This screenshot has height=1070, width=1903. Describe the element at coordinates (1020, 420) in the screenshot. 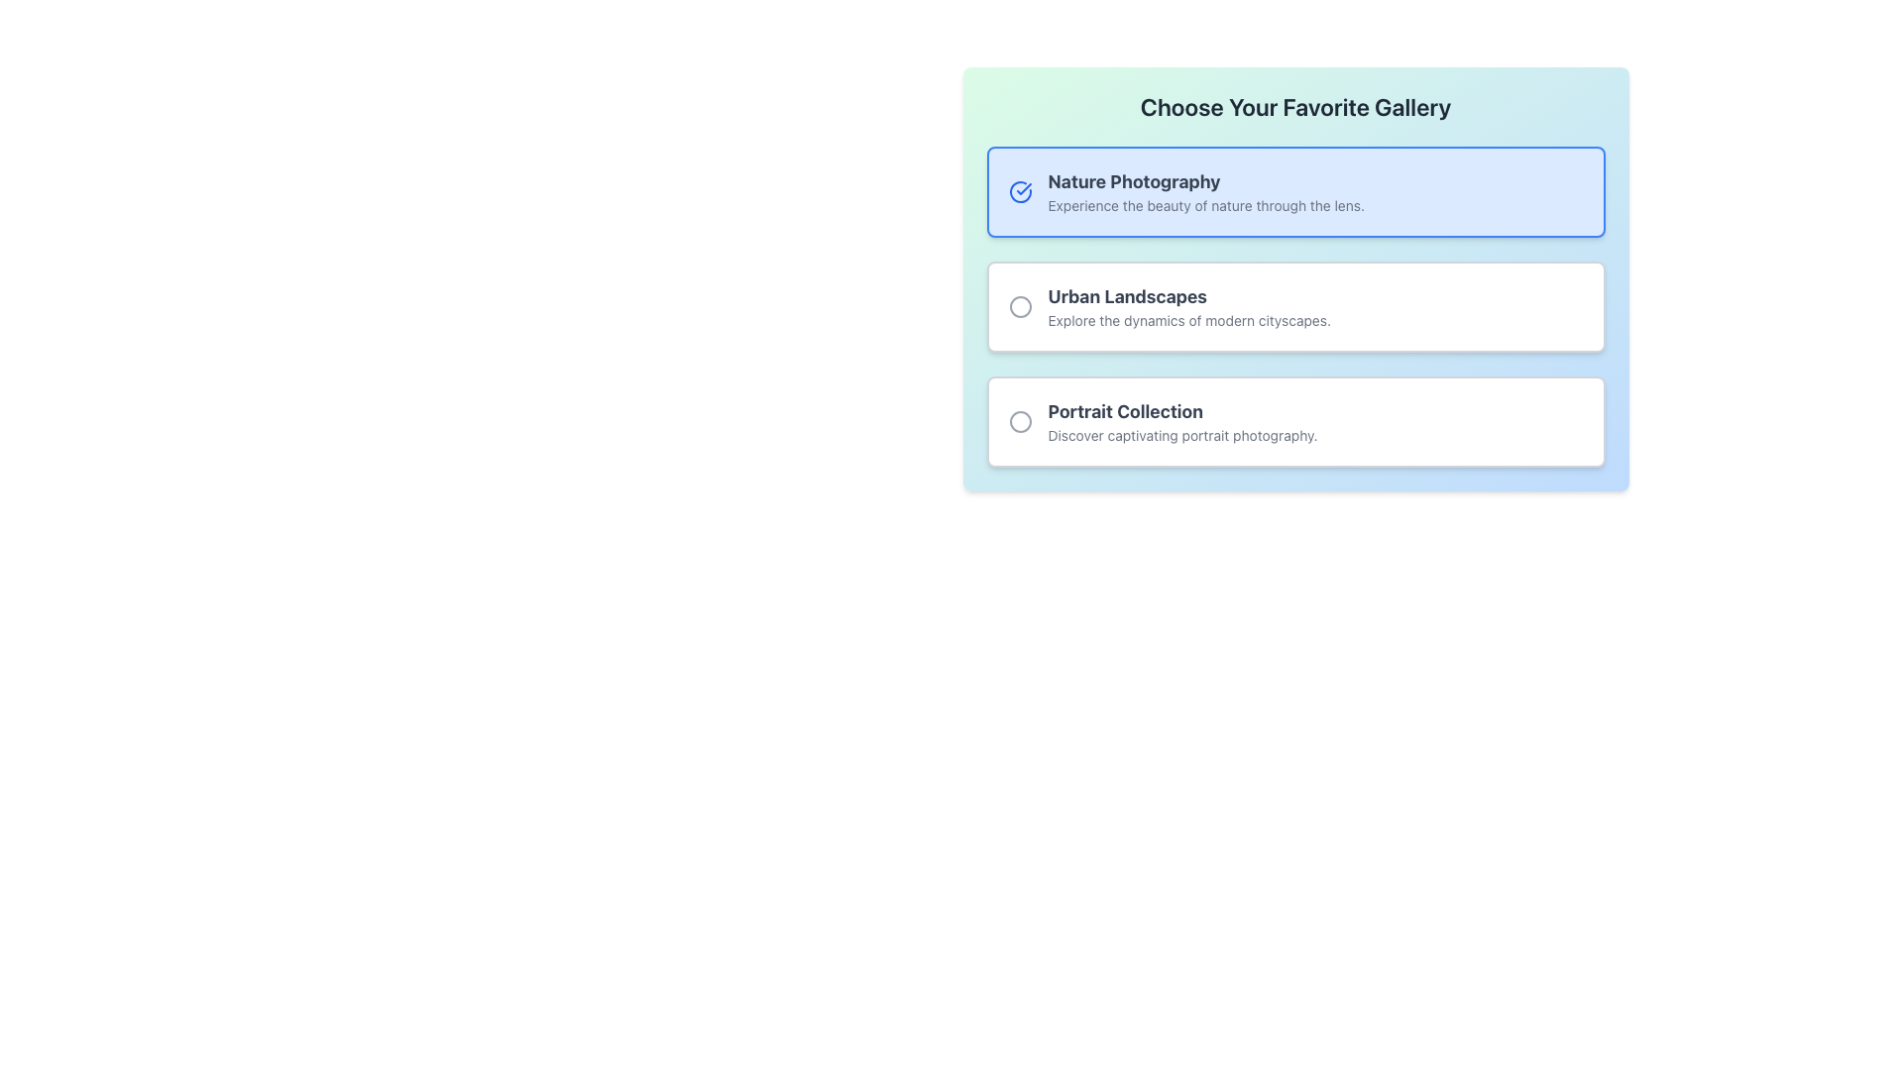

I see `the Radio Button Indicator` at that location.